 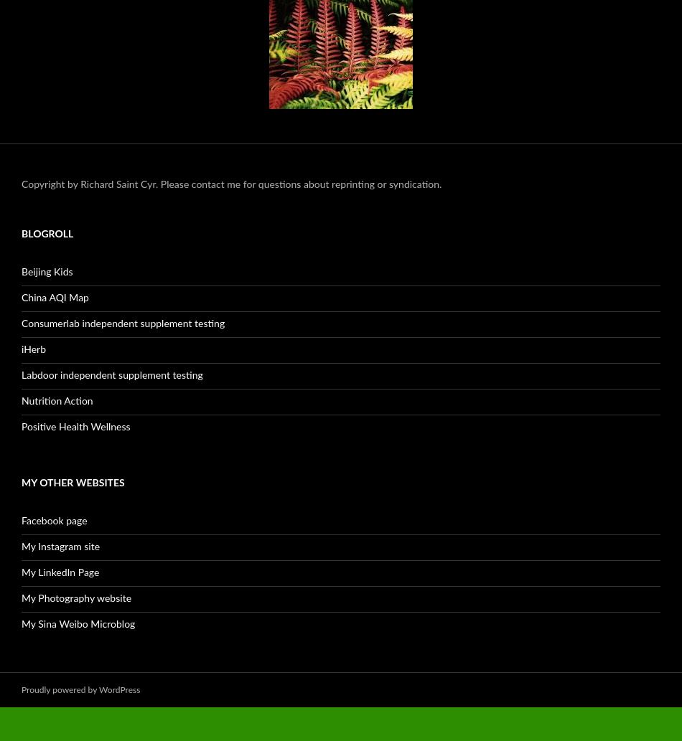 I want to click on 'Facebook page', so click(x=54, y=520).